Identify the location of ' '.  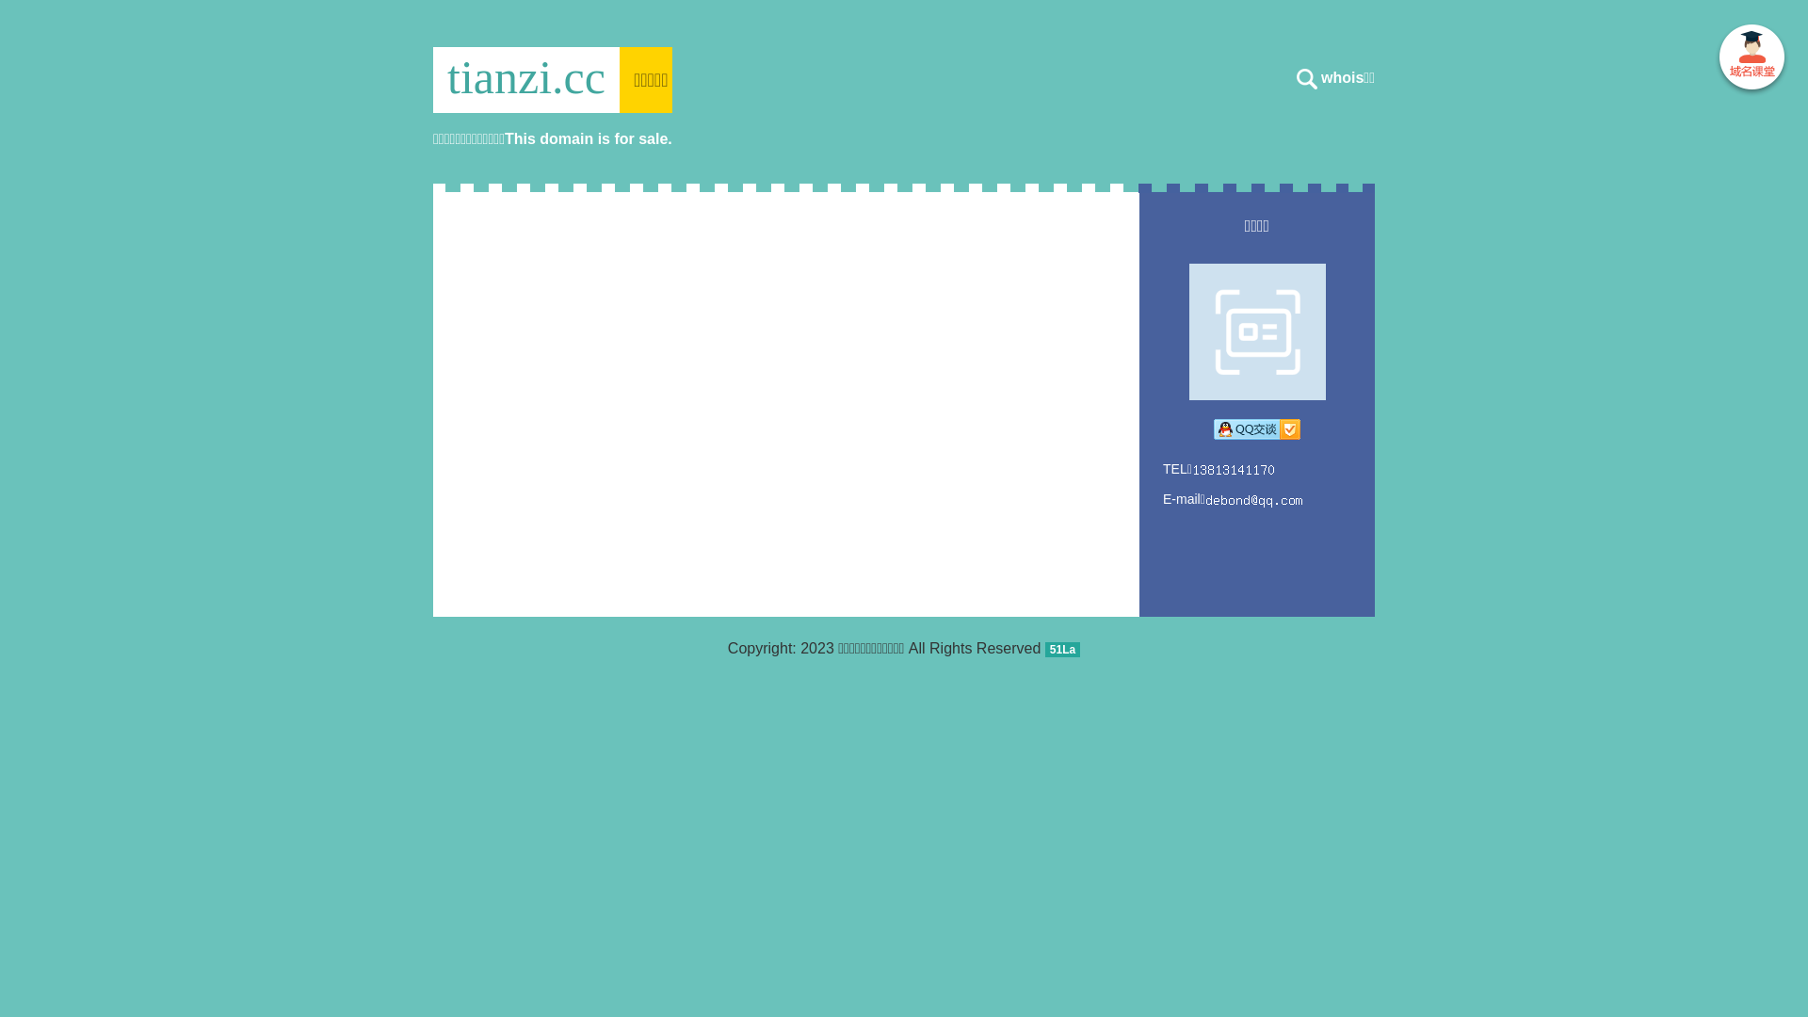
(1751, 58).